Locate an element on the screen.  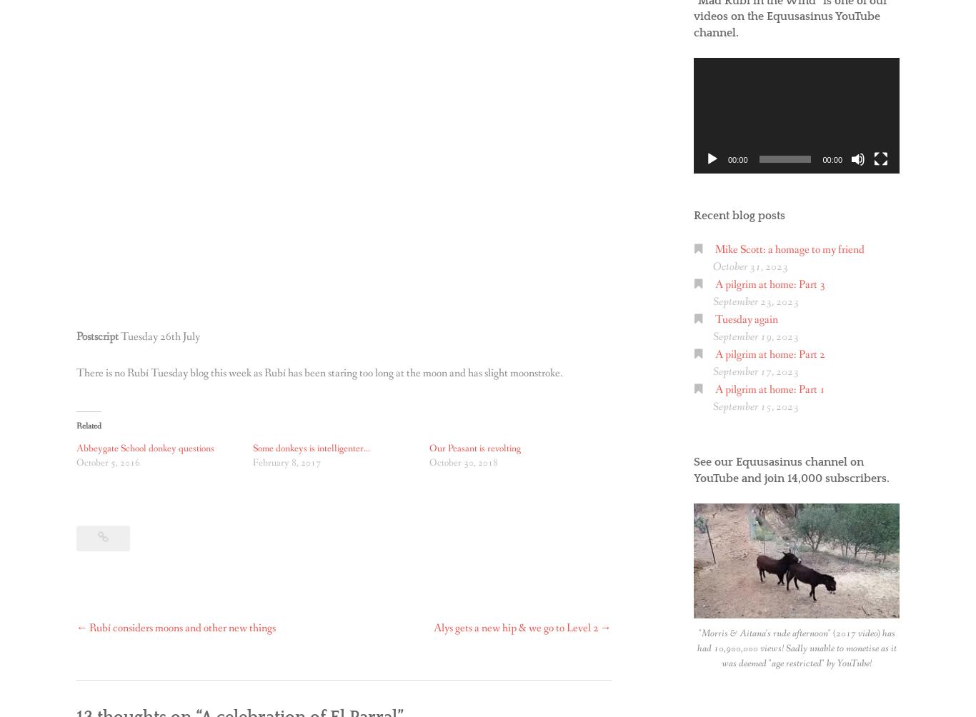
'September 23, 2023' is located at coordinates (712, 301).